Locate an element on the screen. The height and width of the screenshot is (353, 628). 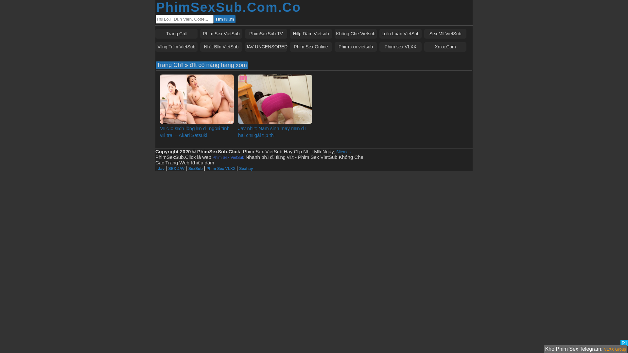
'Phim Sex Online' is located at coordinates (310, 46).